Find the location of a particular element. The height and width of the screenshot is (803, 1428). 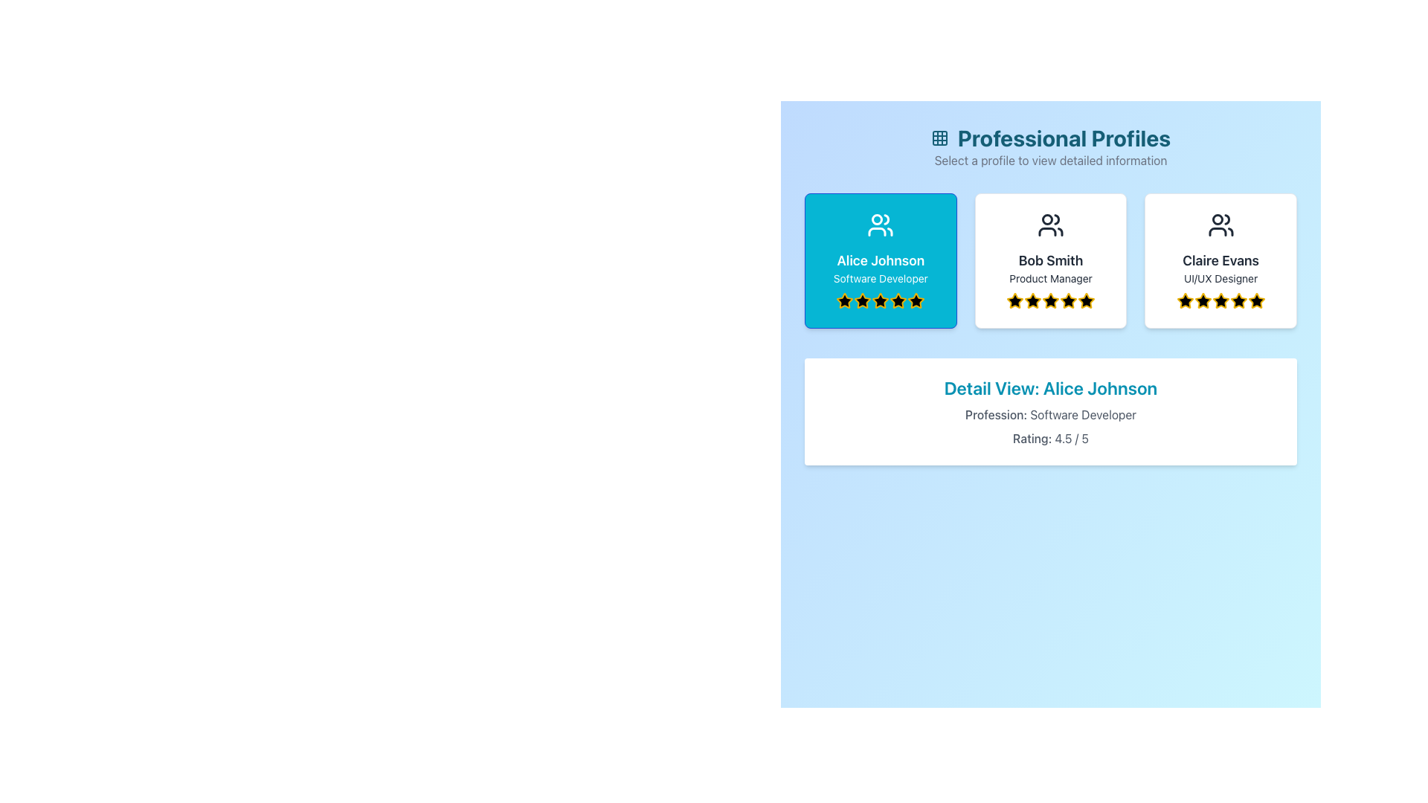

the grid icon located to the left of the 'Professional Profiles' header, which serves as a decorative element for the title is located at coordinates (939, 138).